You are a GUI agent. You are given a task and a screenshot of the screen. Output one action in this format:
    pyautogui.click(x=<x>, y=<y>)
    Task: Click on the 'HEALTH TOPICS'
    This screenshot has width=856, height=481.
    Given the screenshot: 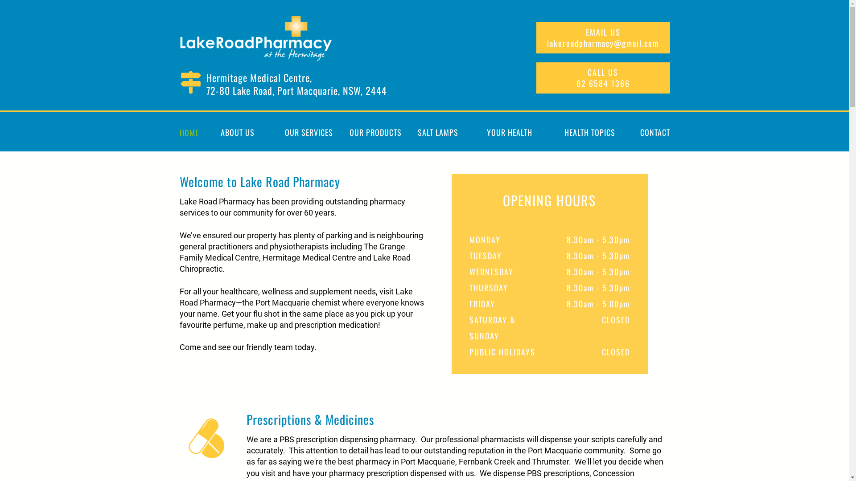 What is the action you would take?
    pyautogui.click(x=589, y=132)
    